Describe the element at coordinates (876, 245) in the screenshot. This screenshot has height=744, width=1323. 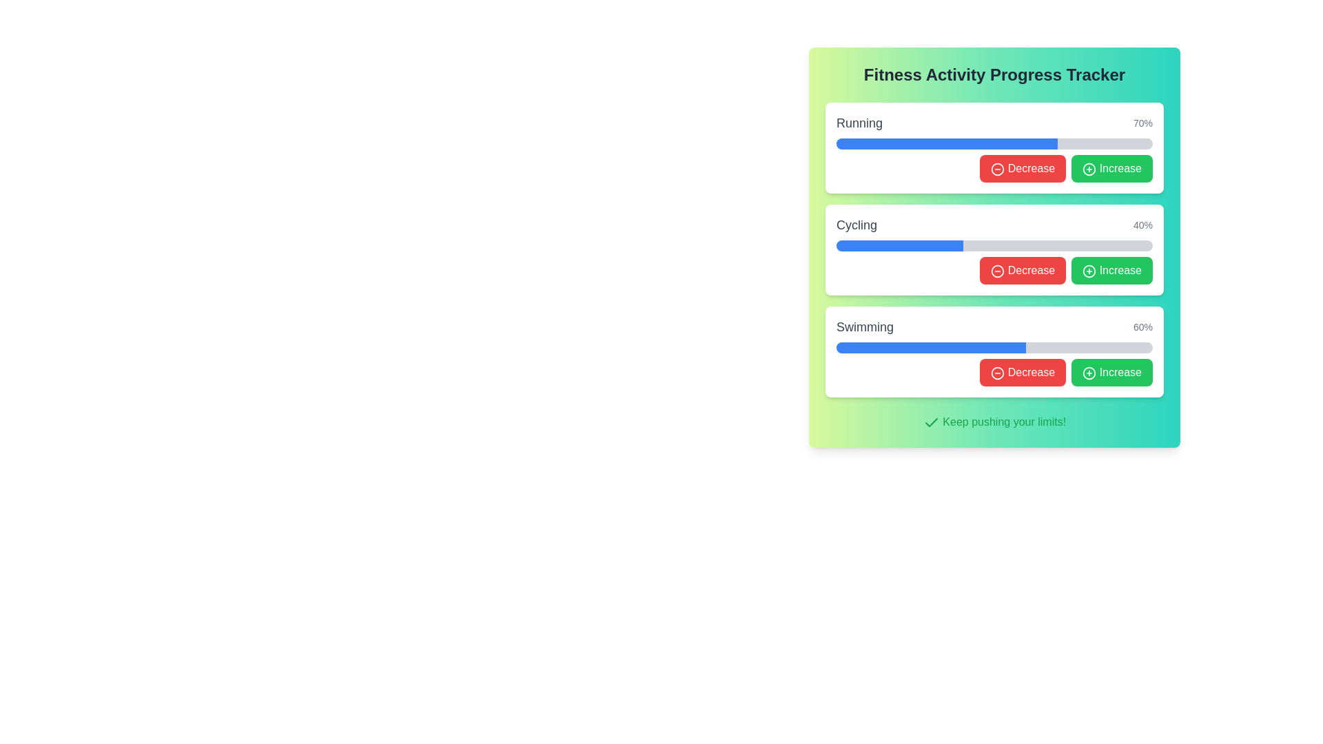
I see `the progress for cycling activity` at that location.